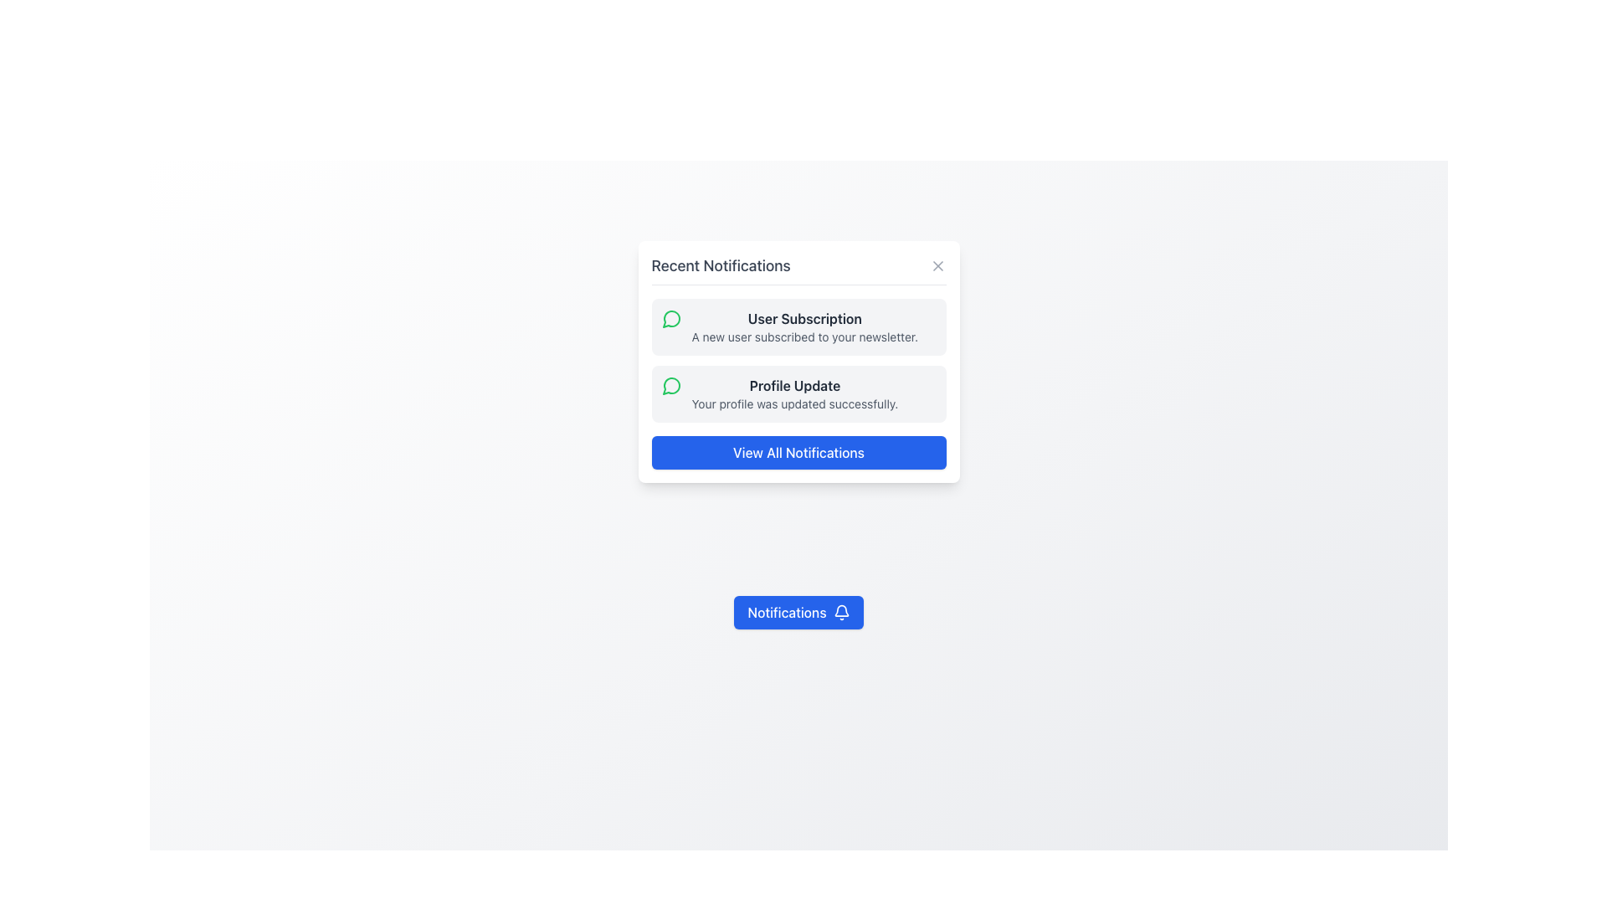  What do you see at coordinates (804, 336) in the screenshot?
I see `the text segment that reads 'A new user subscribed to your newsletter.' within the notification card under the title 'User Subscription.'` at bounding box center [804, 336].